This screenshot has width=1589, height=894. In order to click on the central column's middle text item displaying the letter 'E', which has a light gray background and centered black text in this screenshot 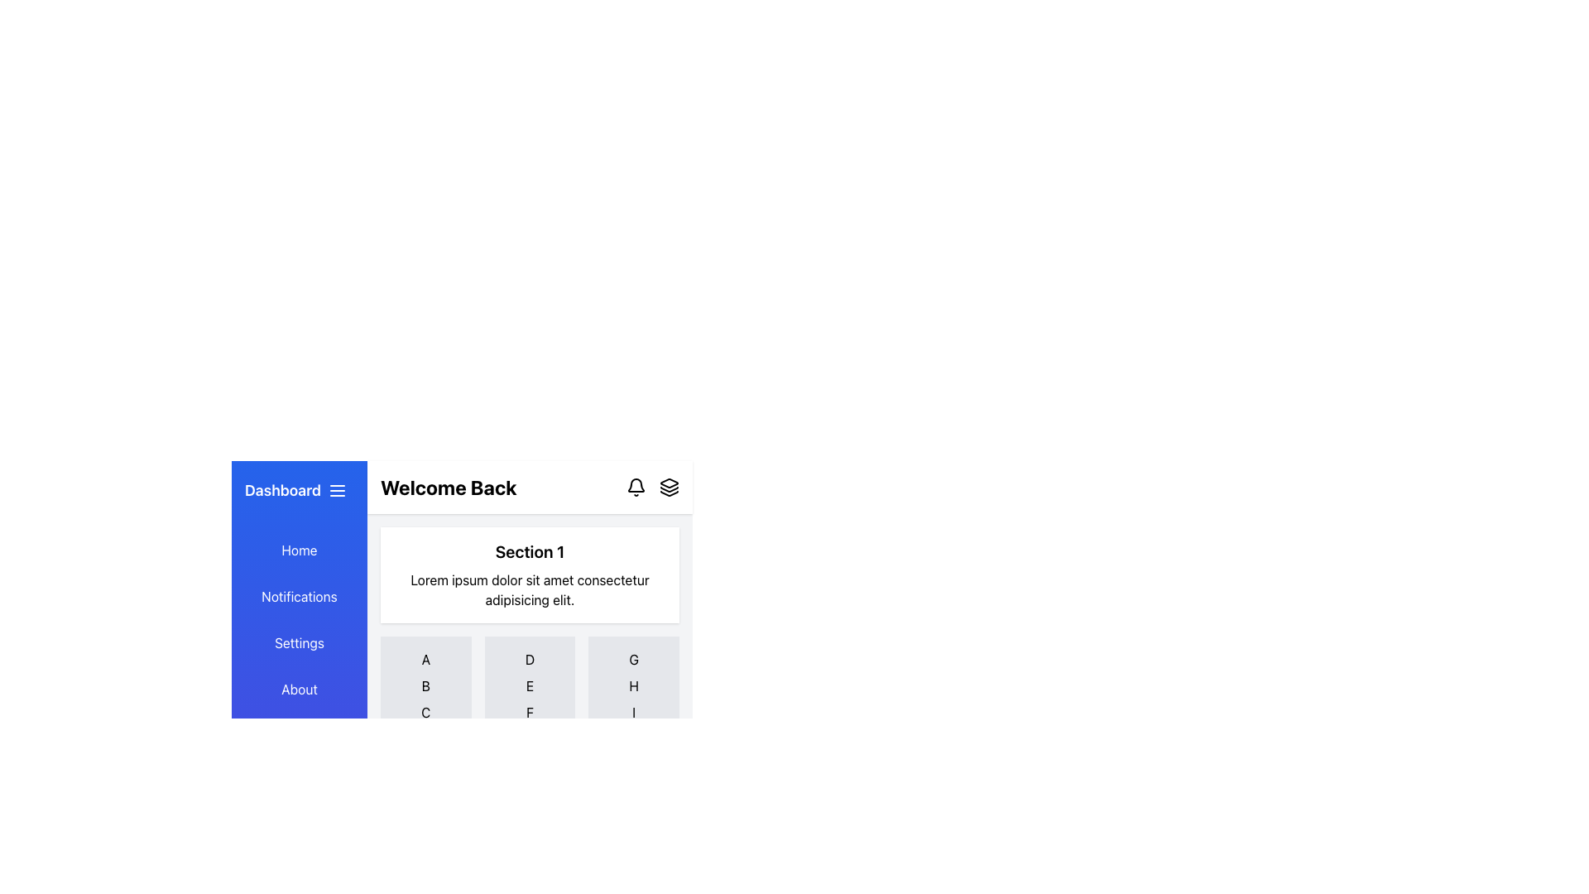, I will do `click(530, 690)`.